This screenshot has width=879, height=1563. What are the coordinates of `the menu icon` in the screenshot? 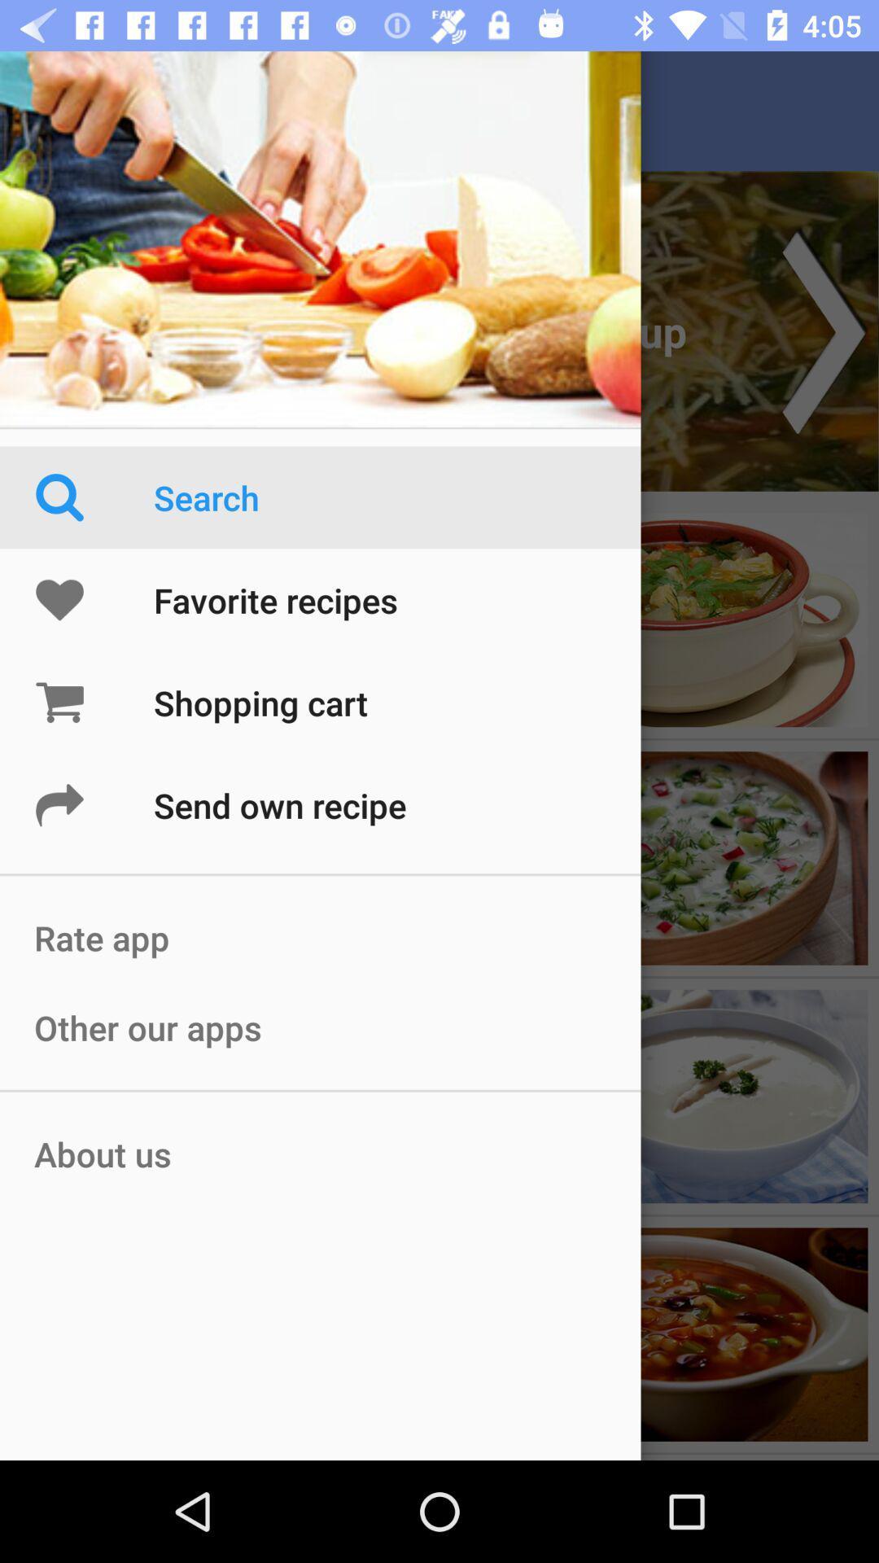 It's located at (52, 330).